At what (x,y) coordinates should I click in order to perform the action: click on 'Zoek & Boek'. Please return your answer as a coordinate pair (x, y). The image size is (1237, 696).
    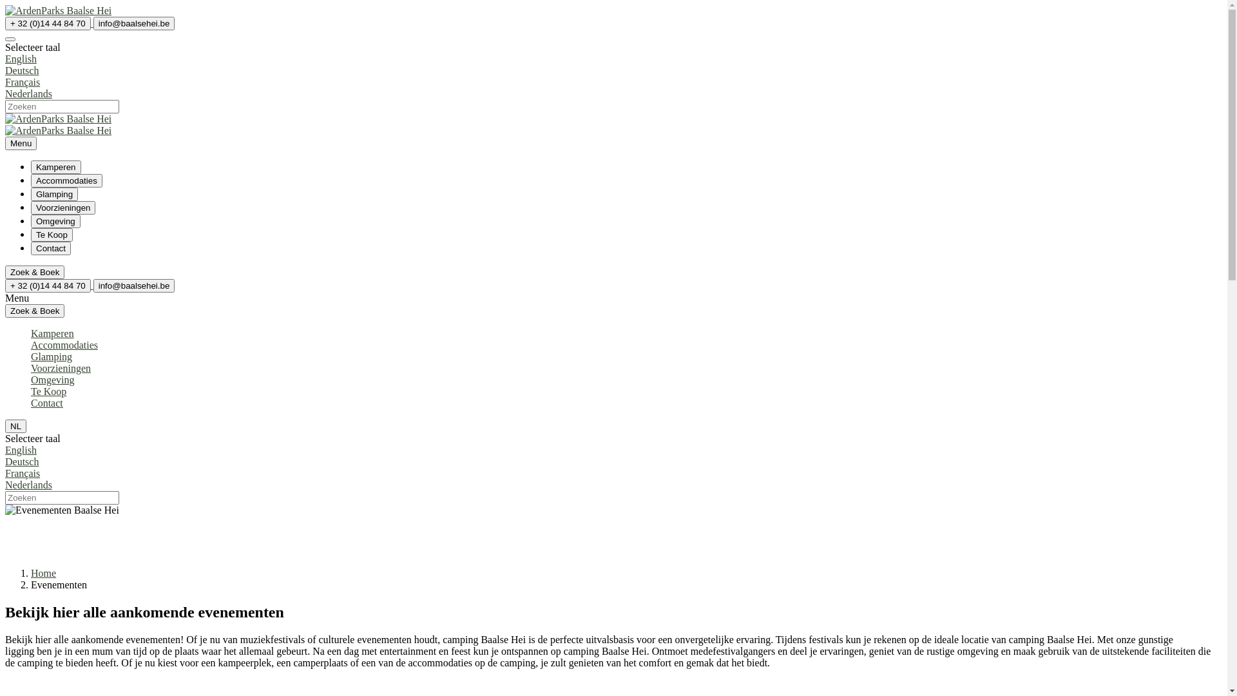
    Looking at the image, I should click on (34, 271).